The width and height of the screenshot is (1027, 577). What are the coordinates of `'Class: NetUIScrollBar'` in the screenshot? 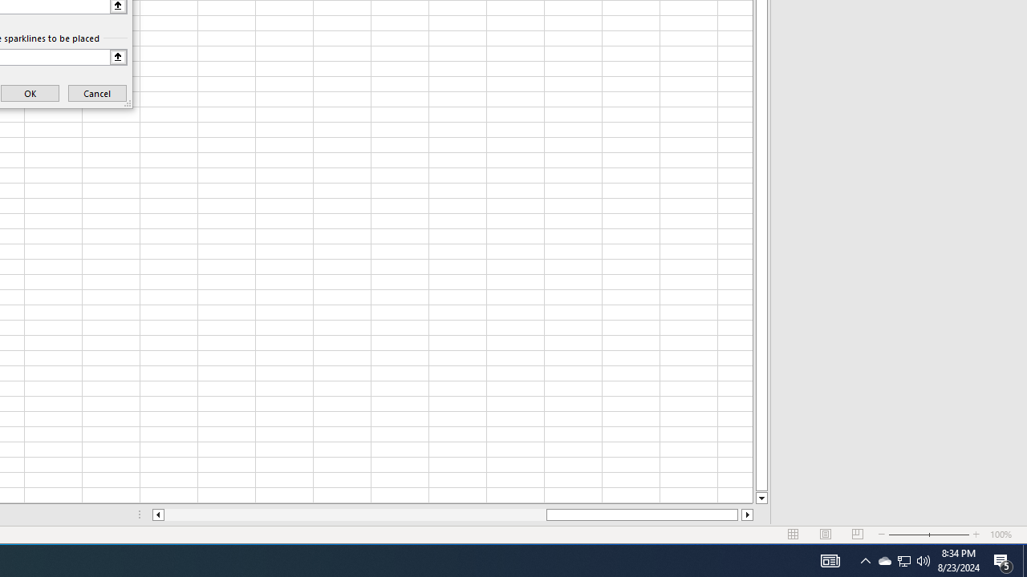 It's located at (452, 514).